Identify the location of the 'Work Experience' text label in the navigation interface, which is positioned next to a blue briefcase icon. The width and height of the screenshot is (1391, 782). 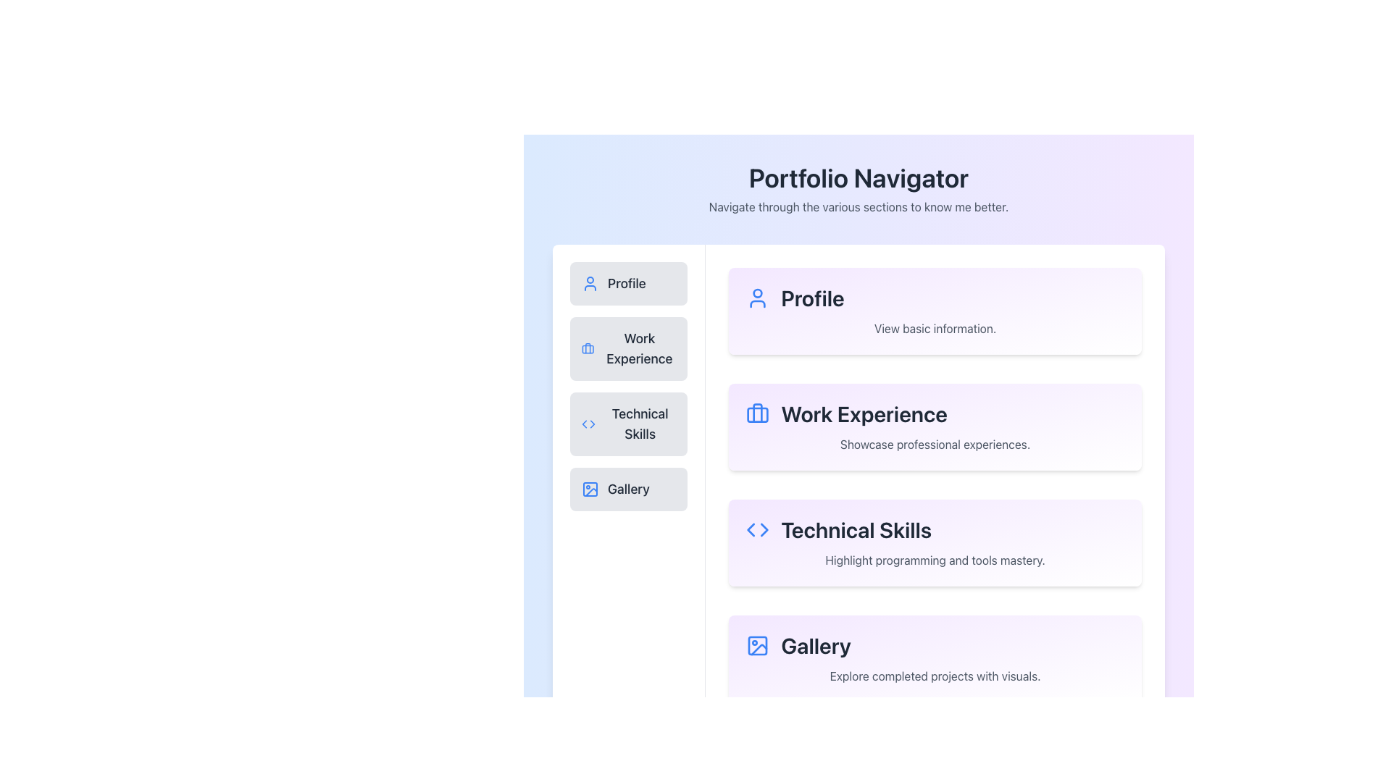
(638, 349).